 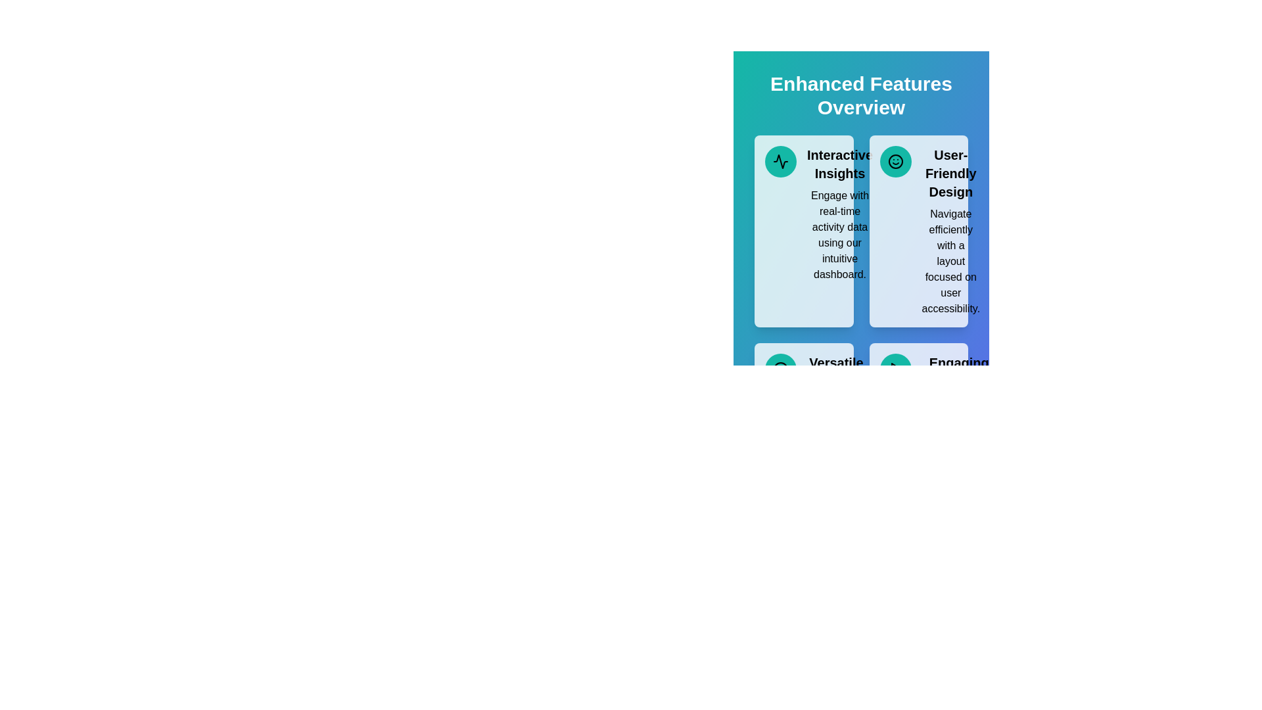 What do you see at coordinates (950, 261) in the screenshot?
I see `the text label stating 'Navigate efficiently with a layout focused on user accessibility.' which is located below the title 'User-Friendly Design' in the upper-right quadrant of the interface` at bounding box center [950, 261].